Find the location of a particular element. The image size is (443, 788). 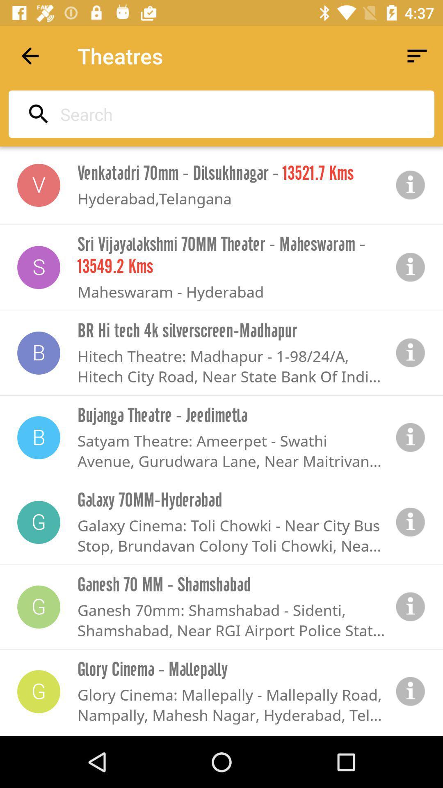

search term is located at coordinates (219, 114).